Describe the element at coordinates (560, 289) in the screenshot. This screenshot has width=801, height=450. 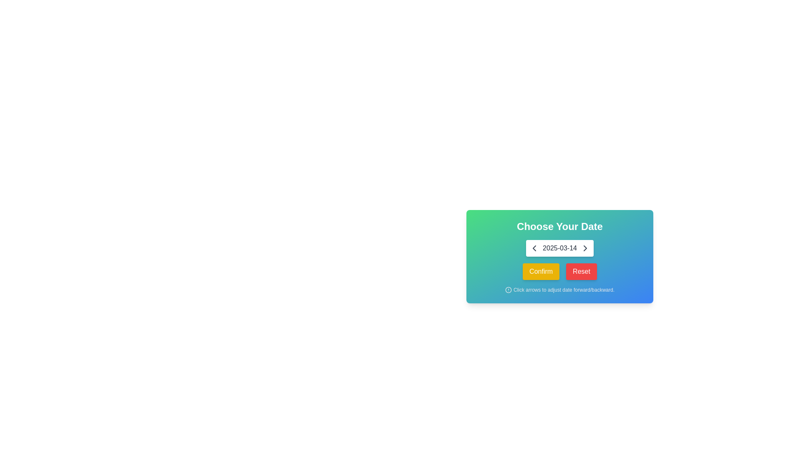
I see `the small text label with a circular icon located at the bottom of the panel, beneath the 'Confirm' and 'Reset' buttons` at that location.